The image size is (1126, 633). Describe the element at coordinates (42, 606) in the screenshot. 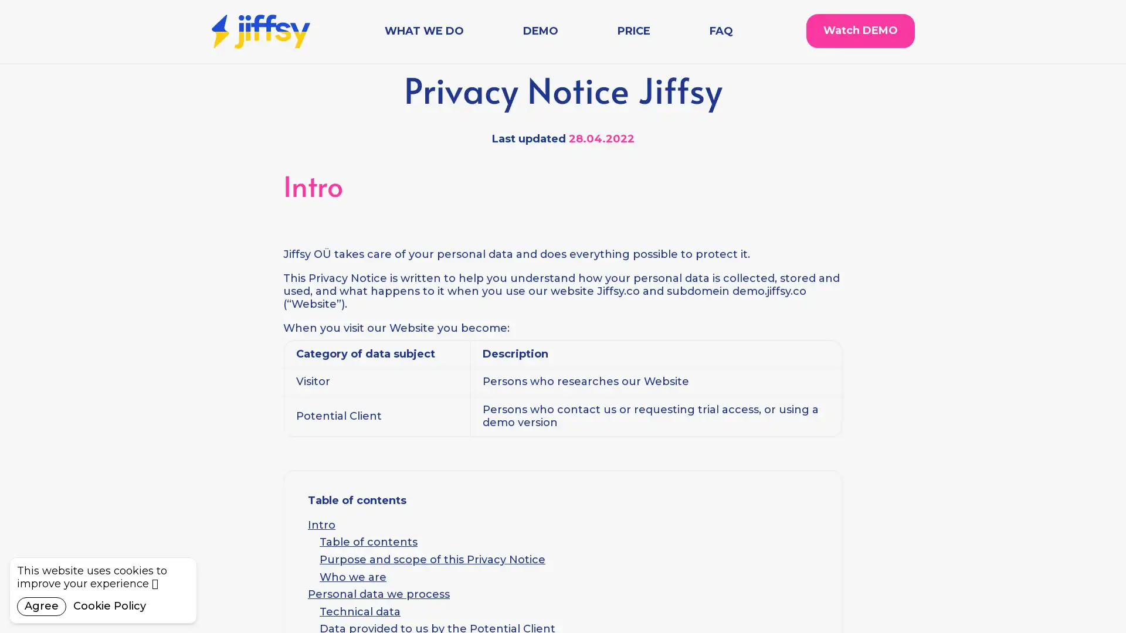

I see `Agree` at that location.